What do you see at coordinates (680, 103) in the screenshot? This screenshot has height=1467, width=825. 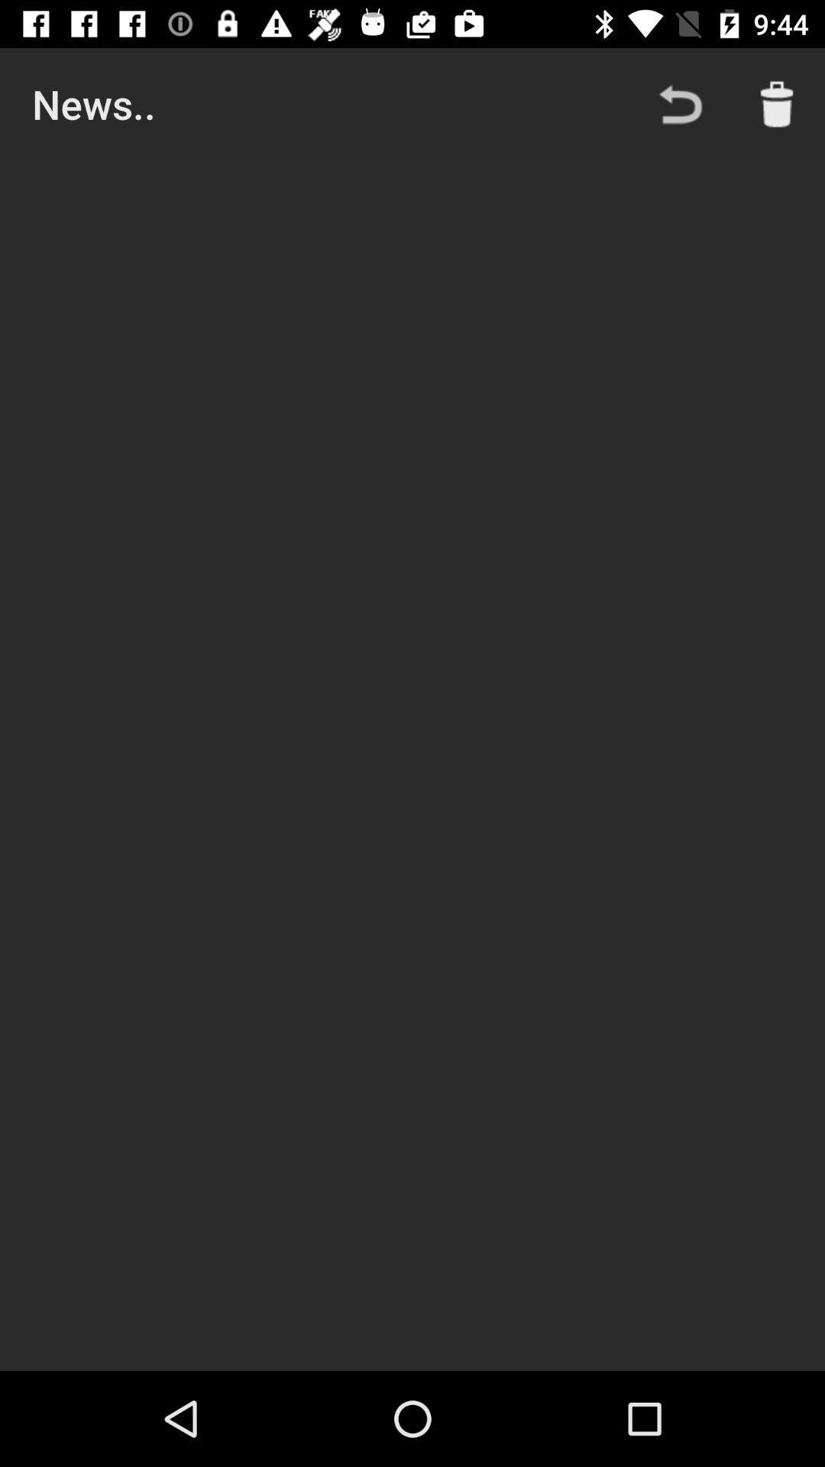 I see `item to the right of the news.. icon` at bounding box center [680, 103].